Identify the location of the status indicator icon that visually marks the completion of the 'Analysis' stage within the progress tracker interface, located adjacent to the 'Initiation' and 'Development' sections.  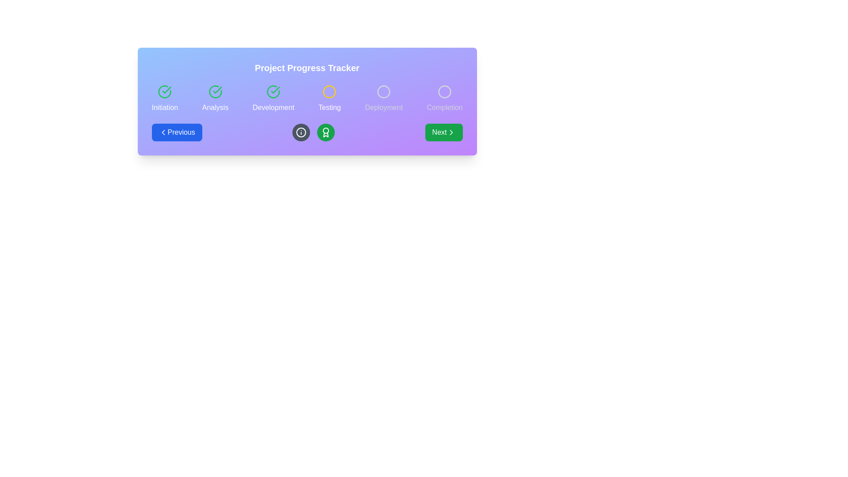
(217, 90).